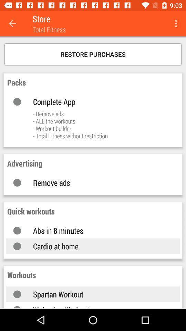 The image size is (186, 331). Describe the element at coordinates (99, 306) in the screenshot. I see `wolverine workout` at that location.